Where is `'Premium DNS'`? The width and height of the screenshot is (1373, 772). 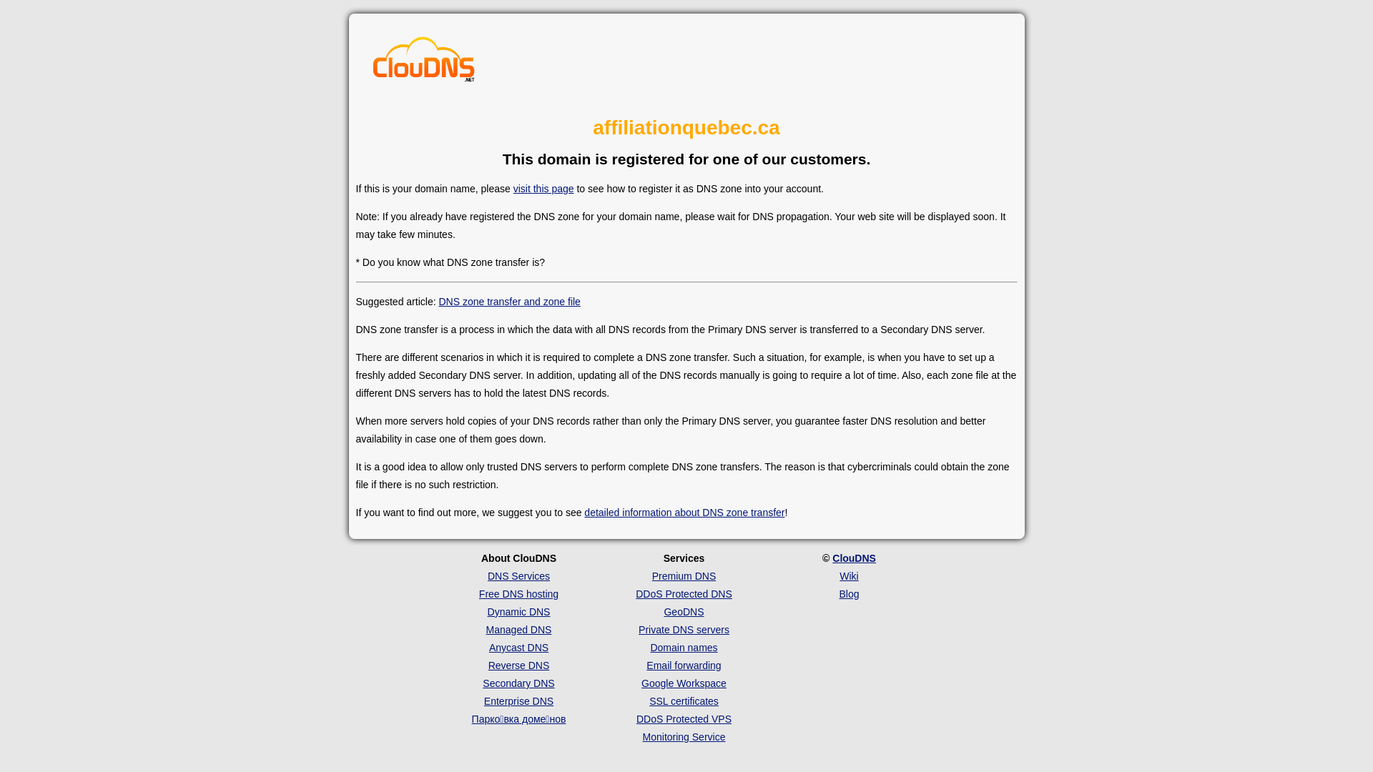 'Premium DNS' is located at coordinates (683, 575).